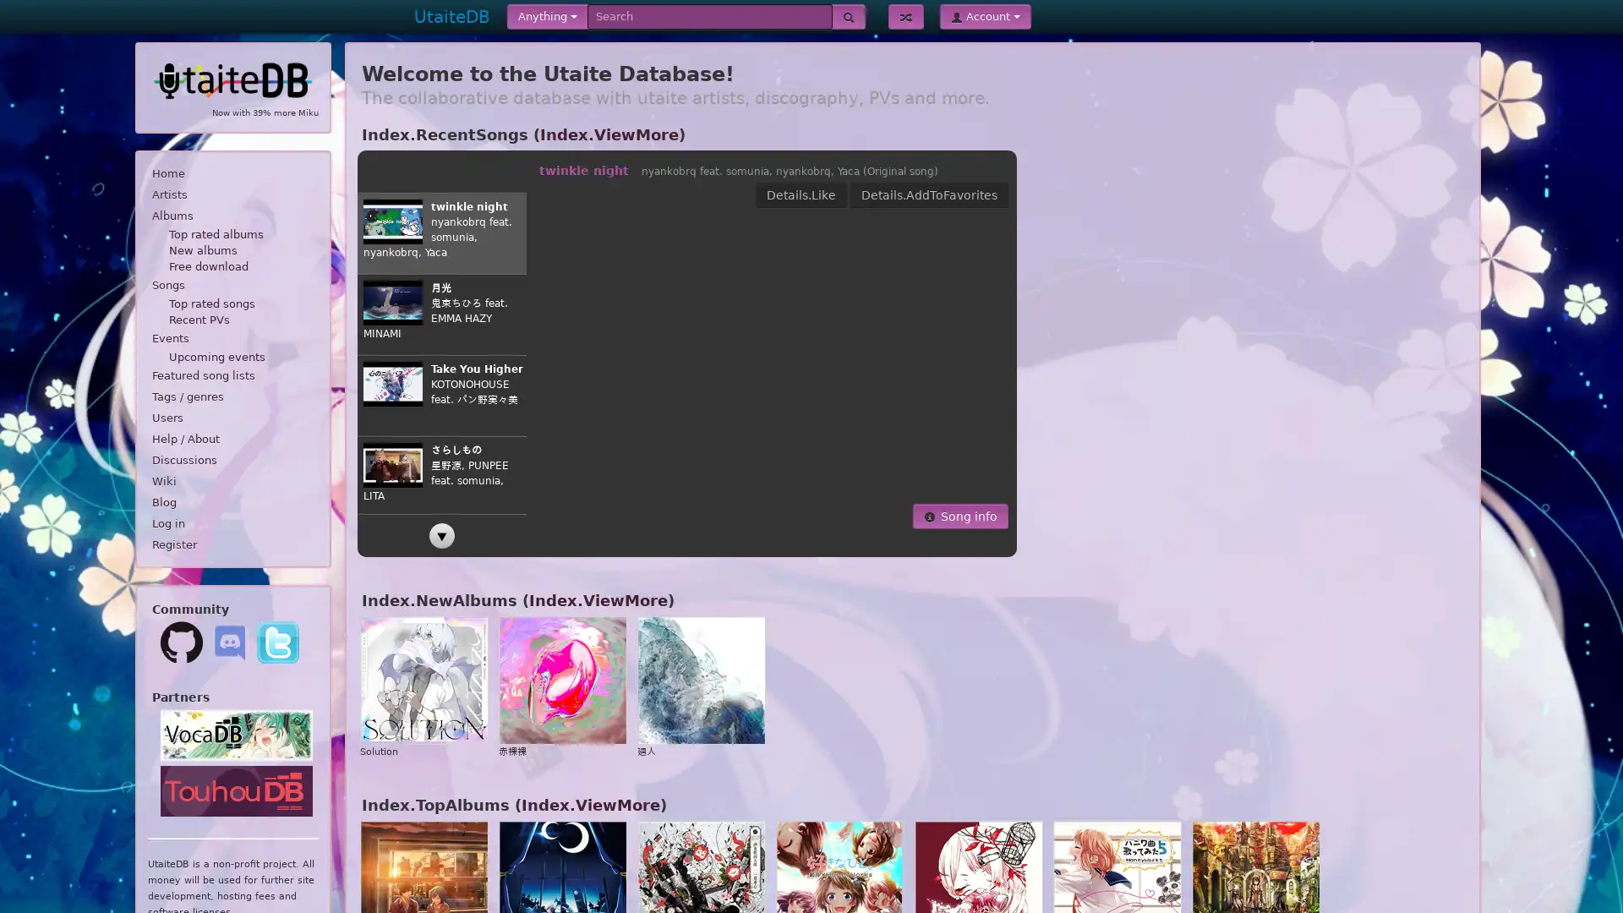 This screenshot has height=913, width=1623. What do you see at coordinates (910, 194) in the screenshot?
I see `Like` at bounding box center [910, 194].